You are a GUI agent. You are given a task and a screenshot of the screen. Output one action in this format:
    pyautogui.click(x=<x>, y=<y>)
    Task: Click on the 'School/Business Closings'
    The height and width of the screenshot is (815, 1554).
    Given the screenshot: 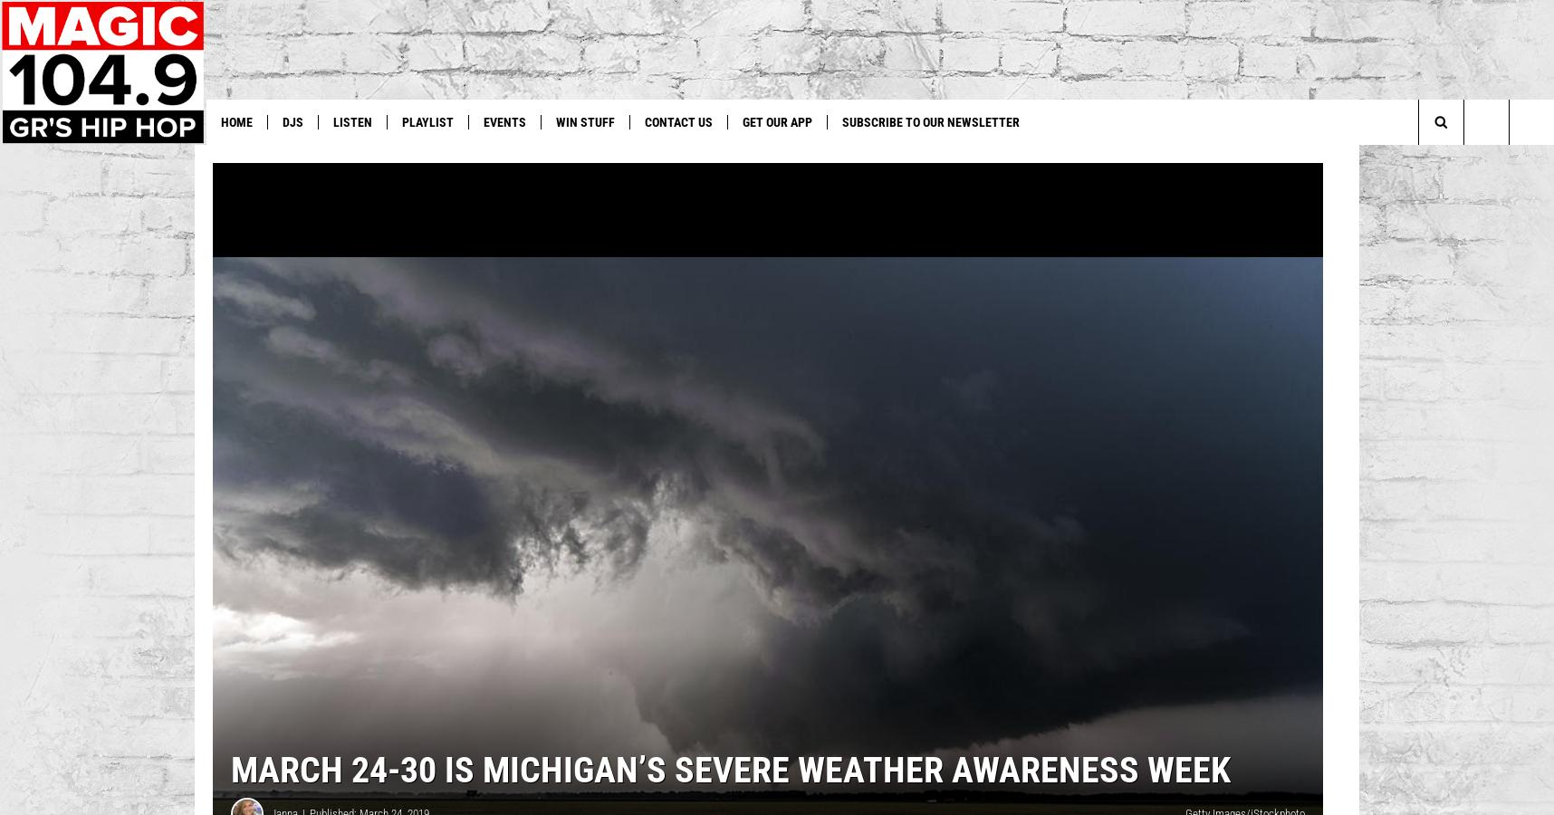 What is the action you would take?
    pyautogui.click(x=1046, y=159)
    